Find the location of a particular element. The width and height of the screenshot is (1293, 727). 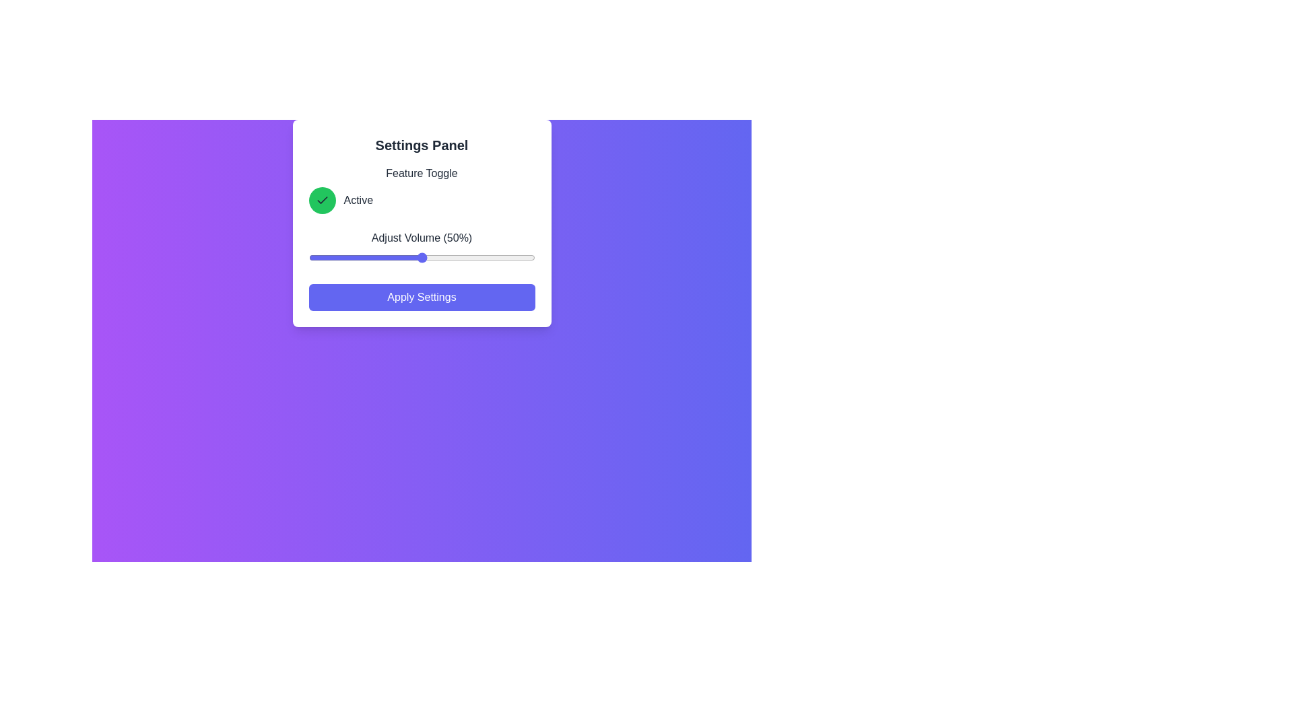

volume is located at coordinates (396, 257).